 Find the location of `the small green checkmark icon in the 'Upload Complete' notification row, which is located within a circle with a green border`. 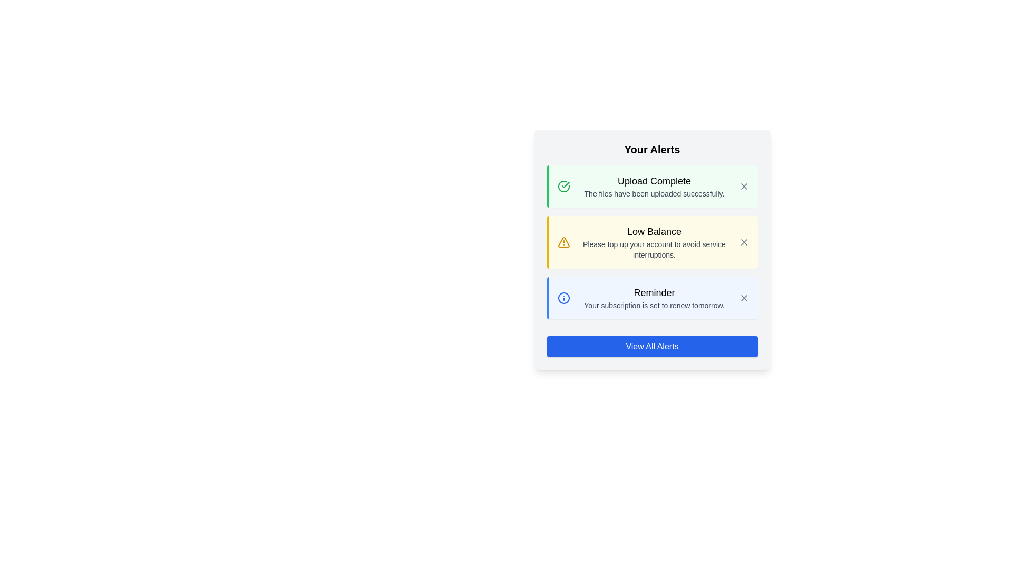

the small green checkmark icon in the 'Upload Complete' notification row, which is located within a circle with a green border is located at coordinates (565, 184).